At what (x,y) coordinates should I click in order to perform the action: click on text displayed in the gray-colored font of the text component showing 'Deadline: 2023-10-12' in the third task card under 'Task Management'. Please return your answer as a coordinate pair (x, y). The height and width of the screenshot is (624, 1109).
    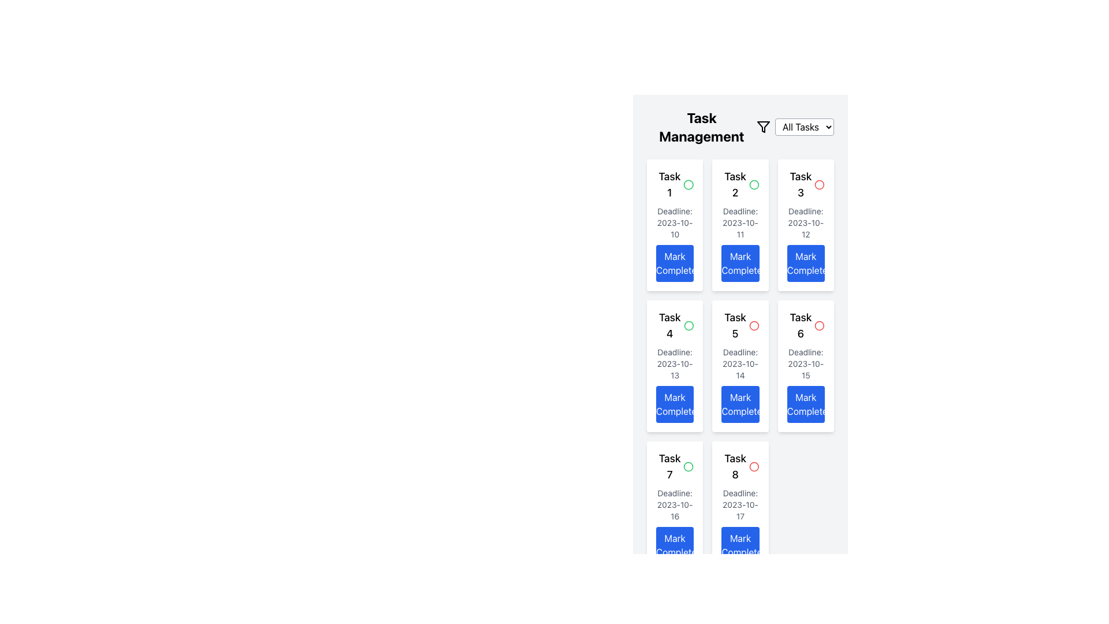
    Looking at the image, I should click on (805, 222).